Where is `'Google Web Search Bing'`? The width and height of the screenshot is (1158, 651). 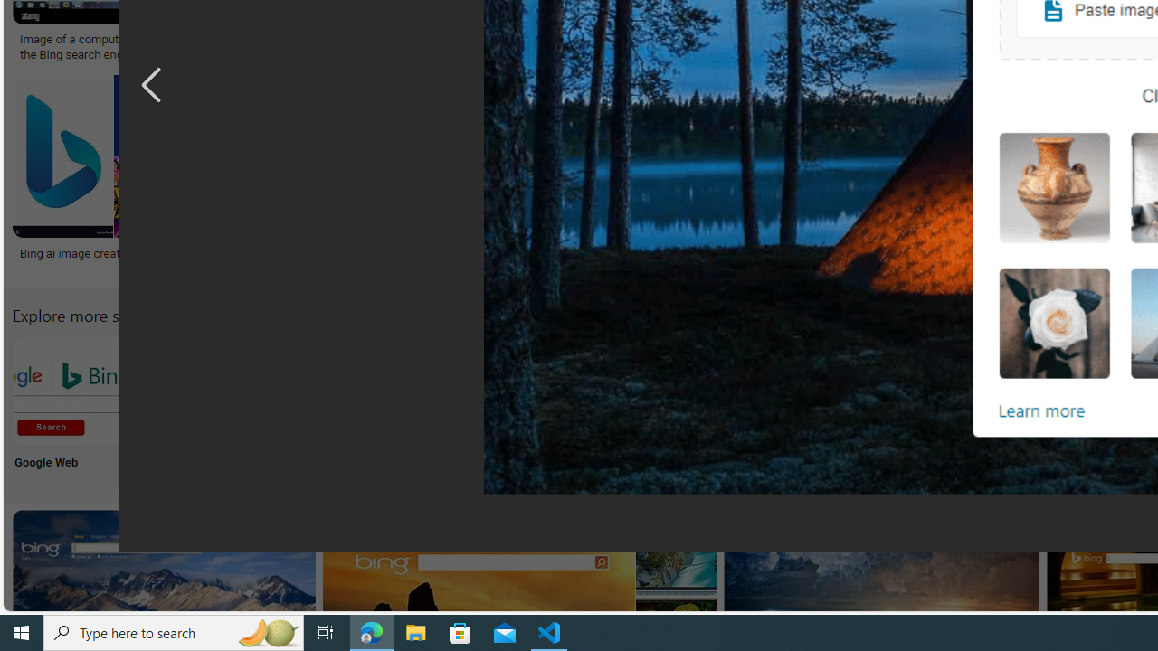 'Google Web Search Bing' is located at coordinates (68, 390).